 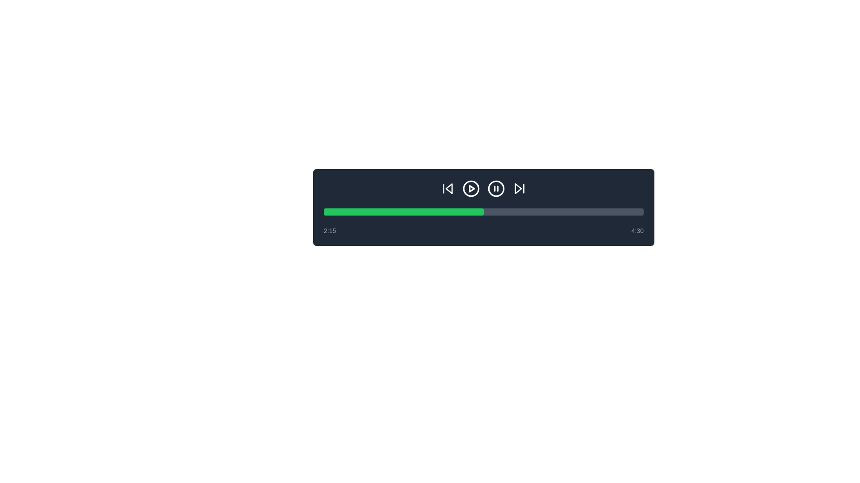 I want to click on the rewind or forward buttons in the media player widget to adjust playback, so click(x=483, y=207).